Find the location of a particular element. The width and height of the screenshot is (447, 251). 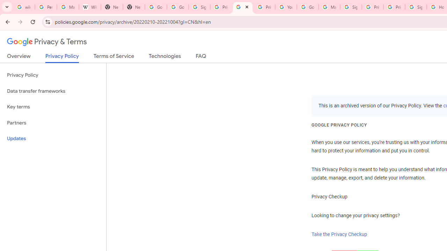

'New Tab' is located at coordinates (112, 7).